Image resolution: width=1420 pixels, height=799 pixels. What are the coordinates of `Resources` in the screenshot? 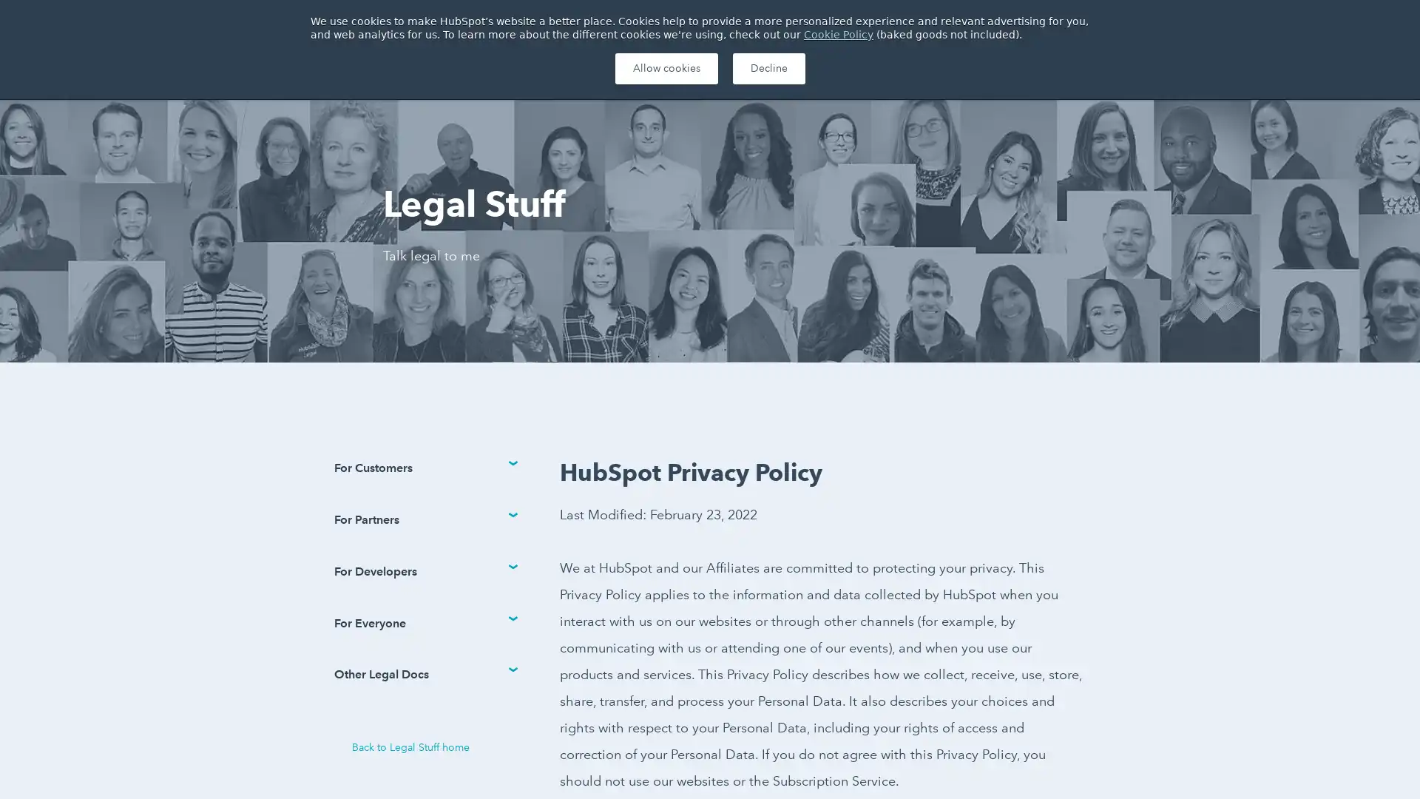 It's located at (652, 68).